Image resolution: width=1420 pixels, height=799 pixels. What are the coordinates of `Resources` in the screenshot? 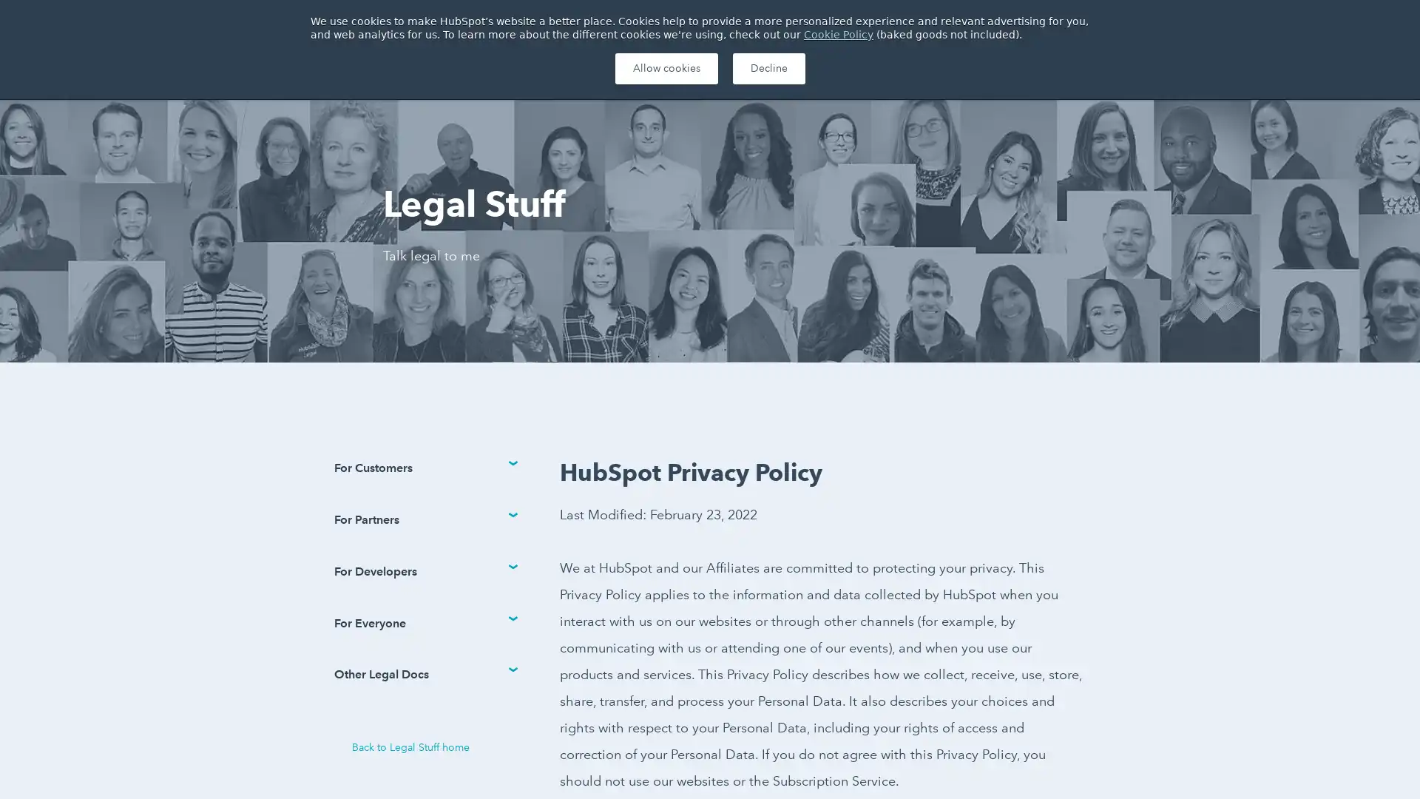 It's located at (652, 68).